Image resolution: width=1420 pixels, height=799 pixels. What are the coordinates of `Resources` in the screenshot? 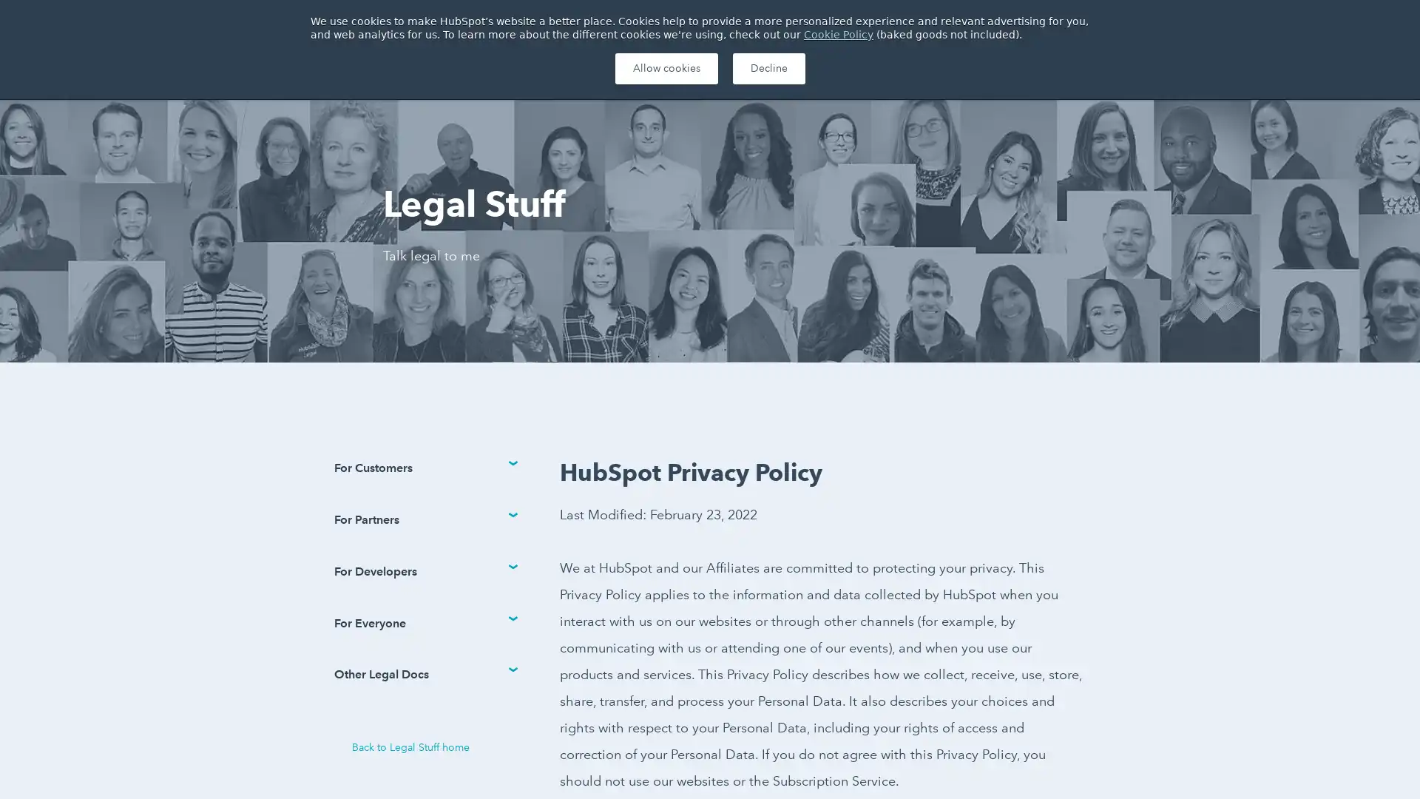 It's located at (652, 68).